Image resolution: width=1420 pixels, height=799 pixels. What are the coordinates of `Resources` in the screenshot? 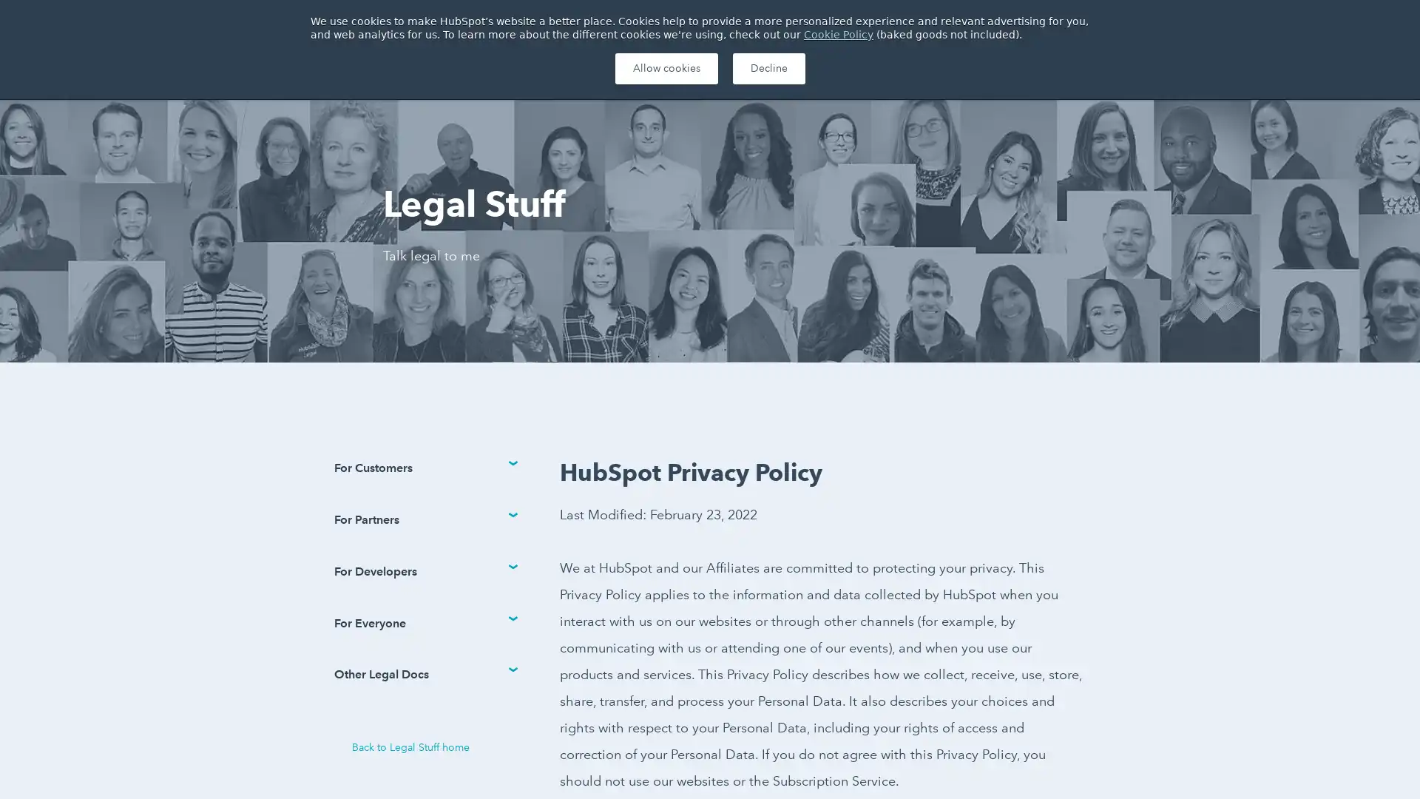 It's located at (652, 68).